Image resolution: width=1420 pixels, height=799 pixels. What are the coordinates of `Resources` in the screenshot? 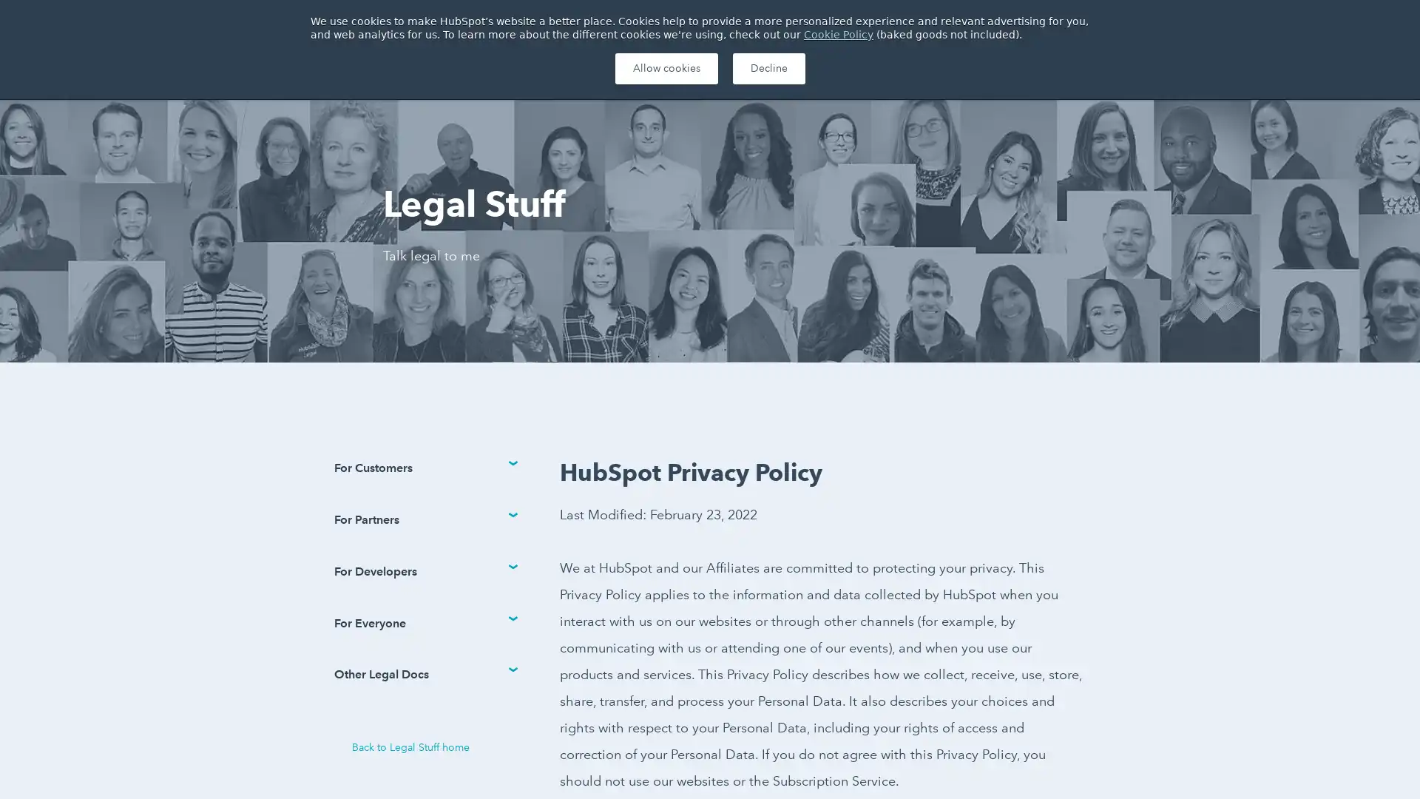 It's located at (652, 68).